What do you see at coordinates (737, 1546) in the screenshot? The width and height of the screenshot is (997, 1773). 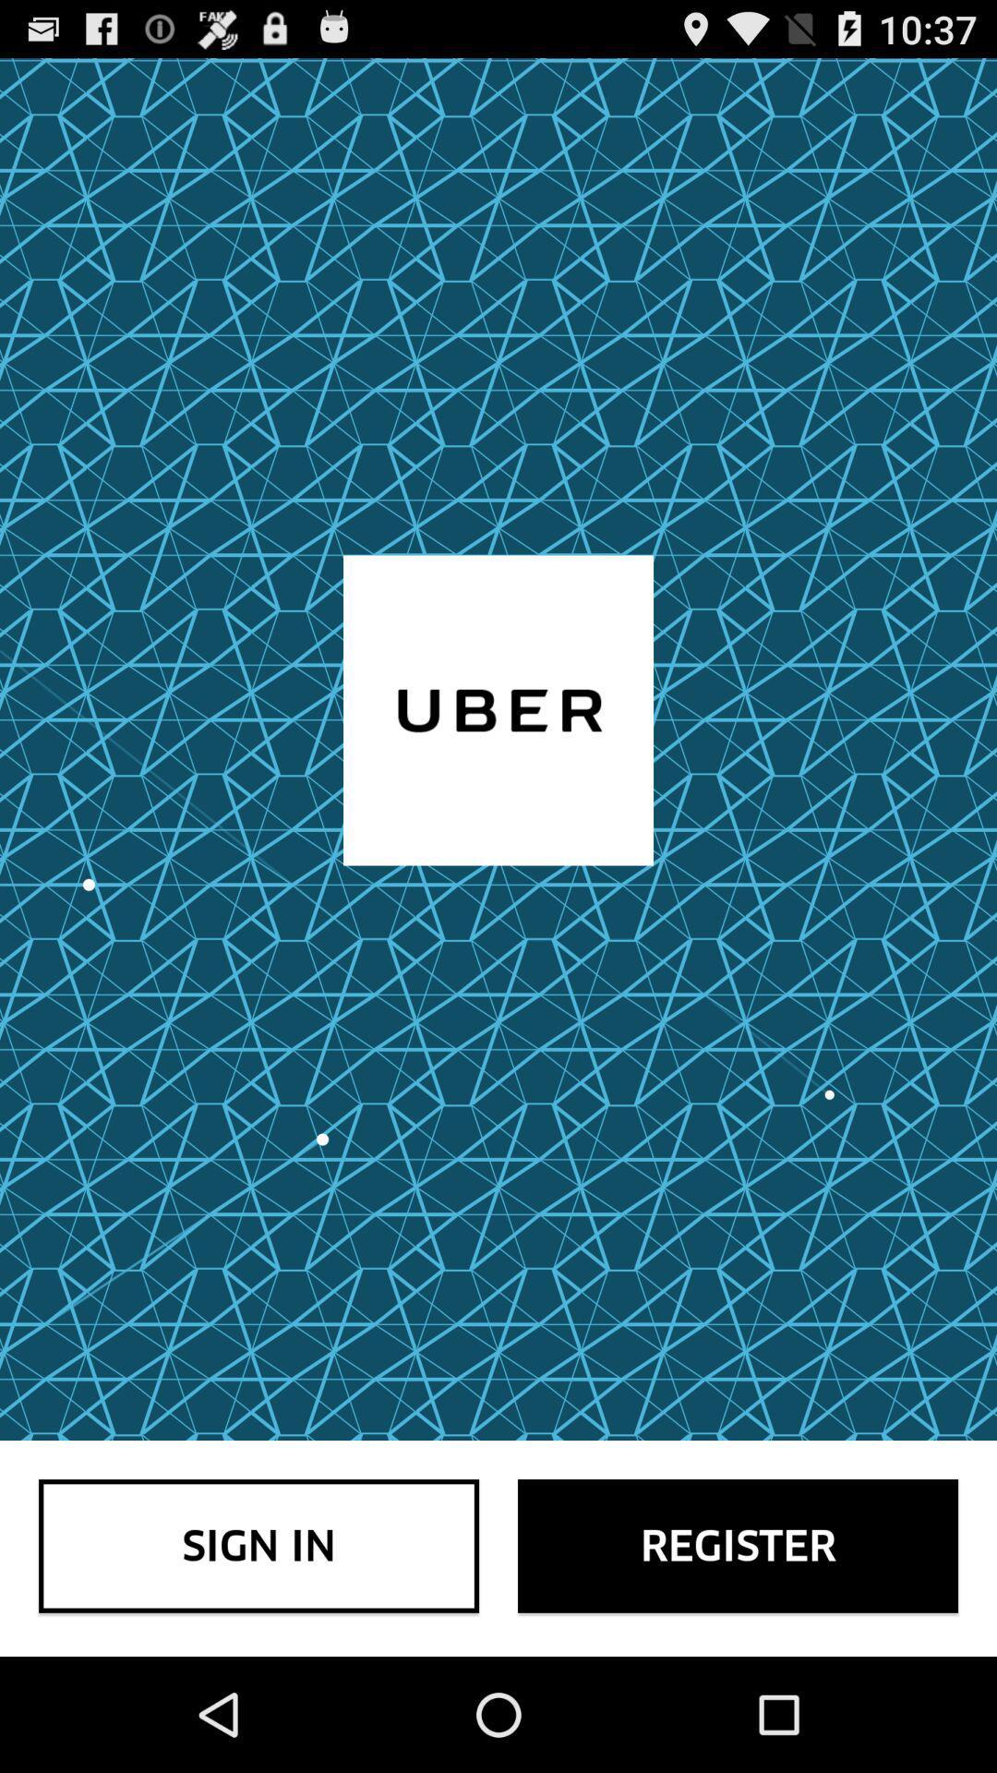 I see `icon next to the sign in icon` at bounding box center [737, 1546].